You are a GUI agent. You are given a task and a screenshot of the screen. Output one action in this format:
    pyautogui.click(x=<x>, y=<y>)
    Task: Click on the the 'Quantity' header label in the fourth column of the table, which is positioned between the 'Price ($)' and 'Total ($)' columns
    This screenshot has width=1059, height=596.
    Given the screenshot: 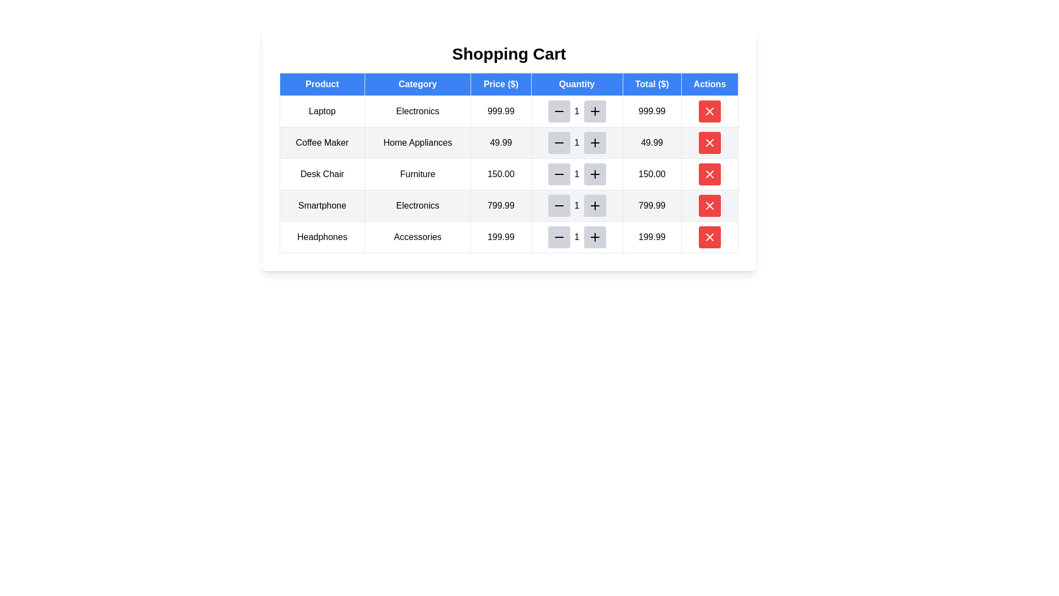 What is the action you would take?
    pyautogui.click(x=576, y=84)
    